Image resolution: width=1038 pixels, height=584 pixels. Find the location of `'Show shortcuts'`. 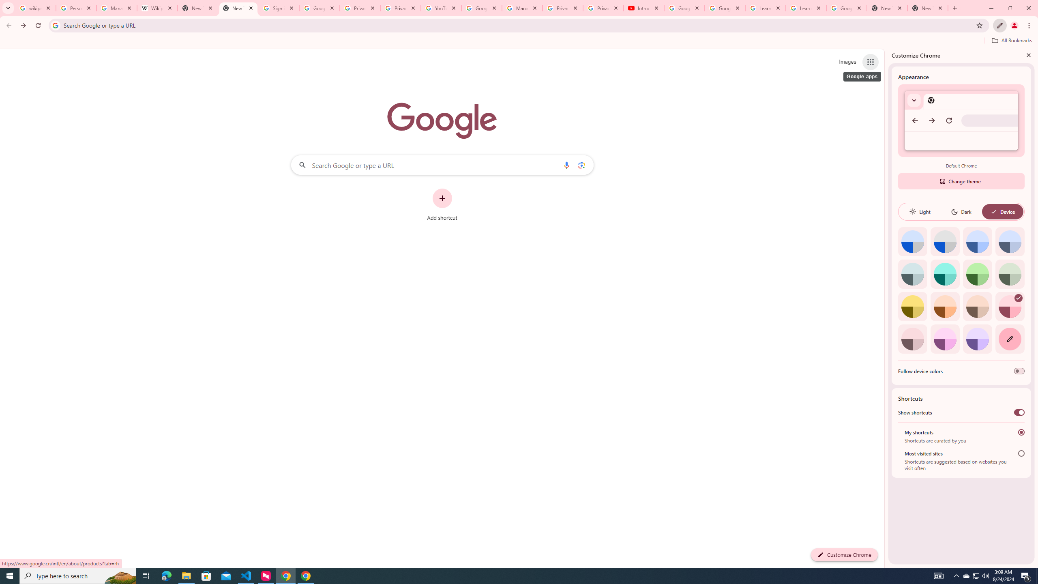

'Show shortcuts' is located at coordinates (1019, 412).